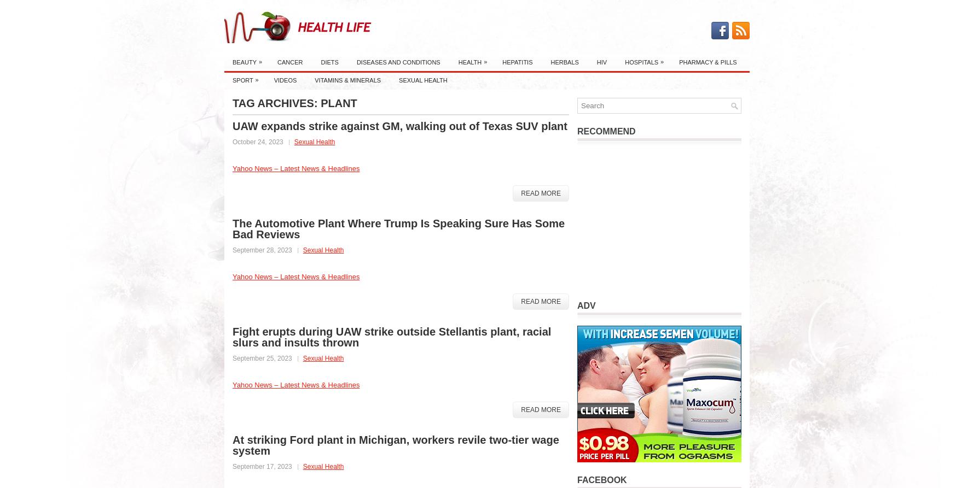  I want to click on 'October 24, 2023', so click(232, 142).